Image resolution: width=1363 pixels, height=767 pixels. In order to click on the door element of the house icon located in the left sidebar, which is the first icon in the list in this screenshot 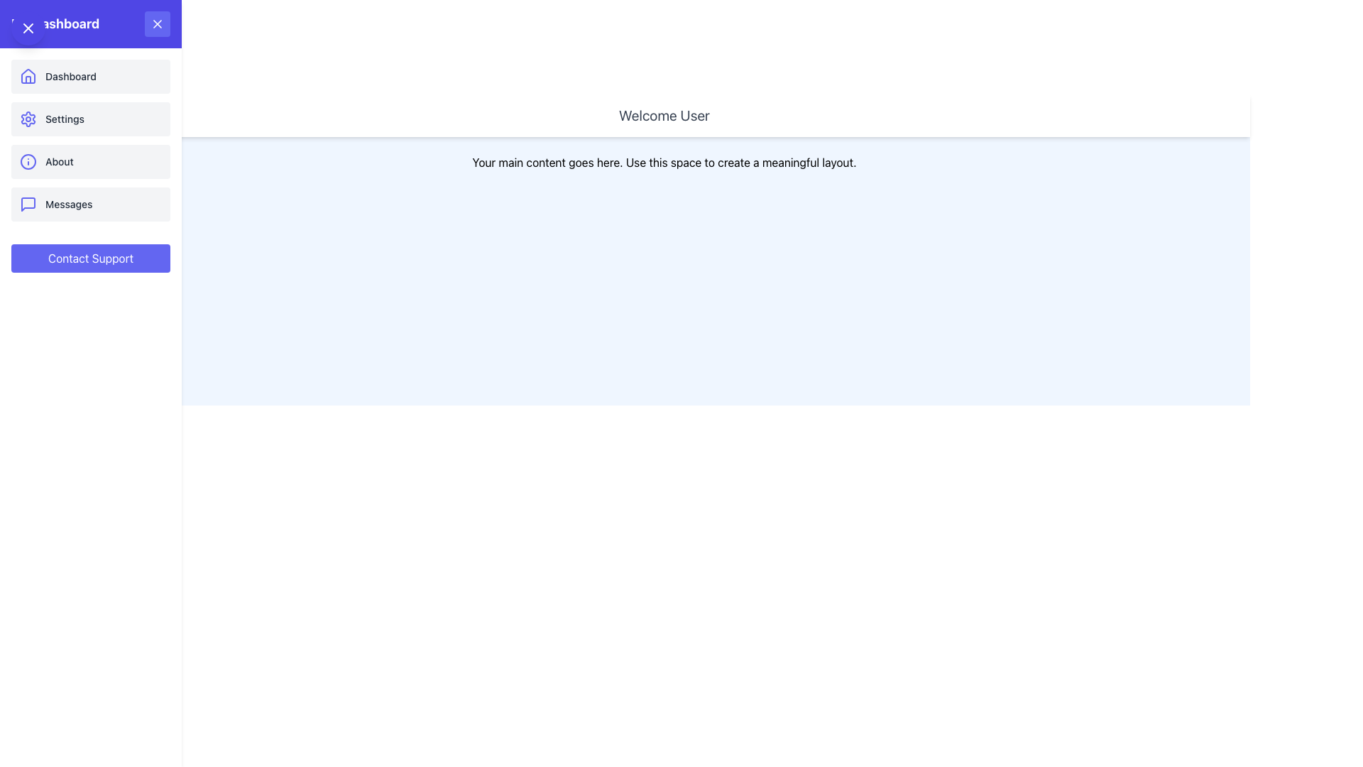, I will do `click(28, 80)`.